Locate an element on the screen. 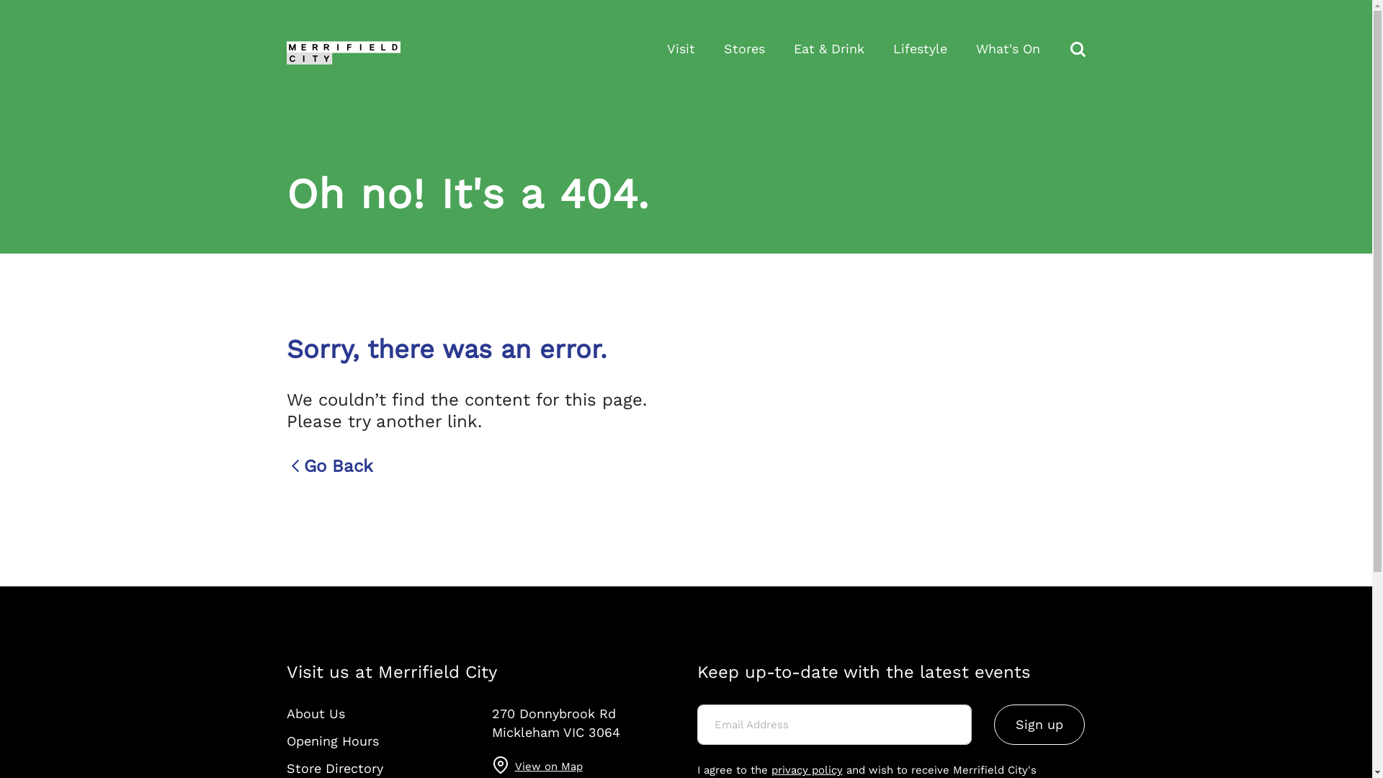 The width and height of the screenshot is (1383, 778). 'What's On' is located at coordinates (1006, 48).